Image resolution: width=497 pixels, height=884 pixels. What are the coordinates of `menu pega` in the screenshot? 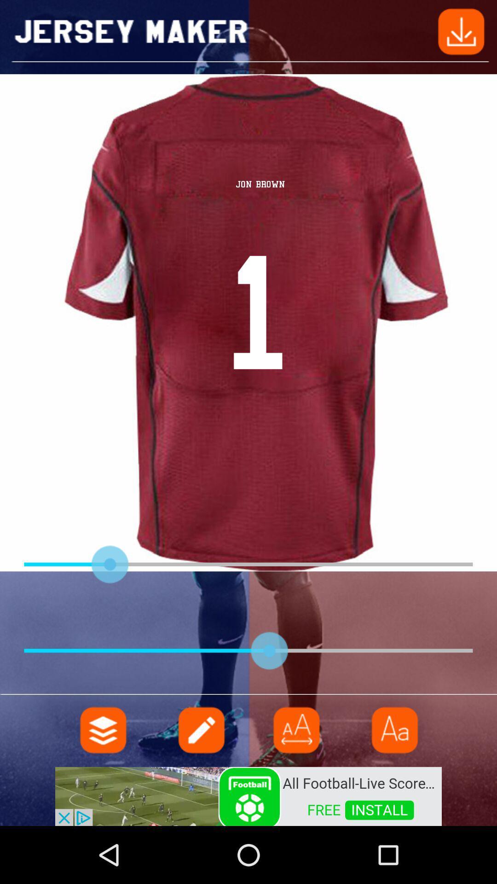 It's located at (296, 729).